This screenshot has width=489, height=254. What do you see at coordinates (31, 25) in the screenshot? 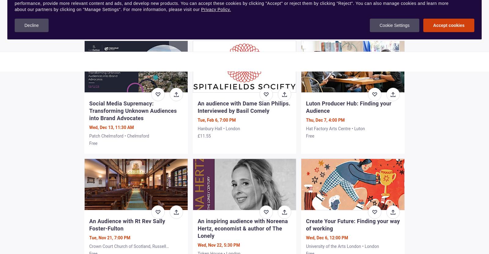
I see `'Decline'` at bounding box center [31, 25].